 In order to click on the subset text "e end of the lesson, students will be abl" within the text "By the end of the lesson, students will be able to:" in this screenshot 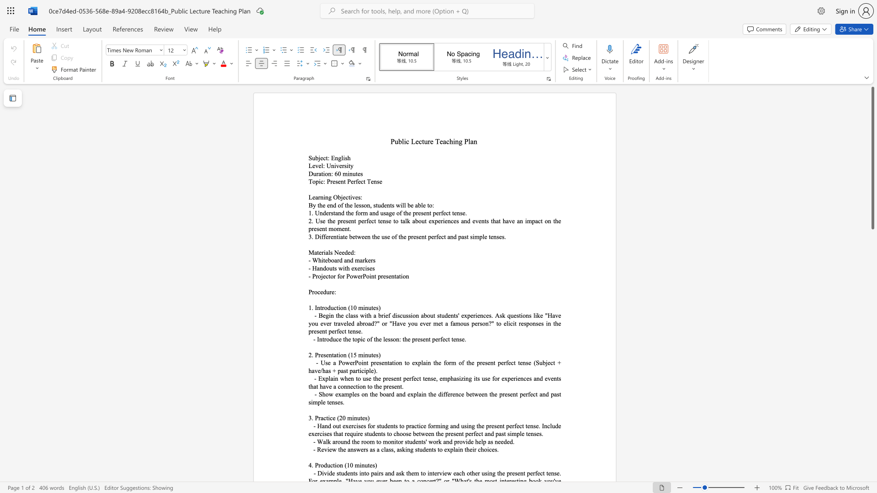, I will do `click(322, 205)`.